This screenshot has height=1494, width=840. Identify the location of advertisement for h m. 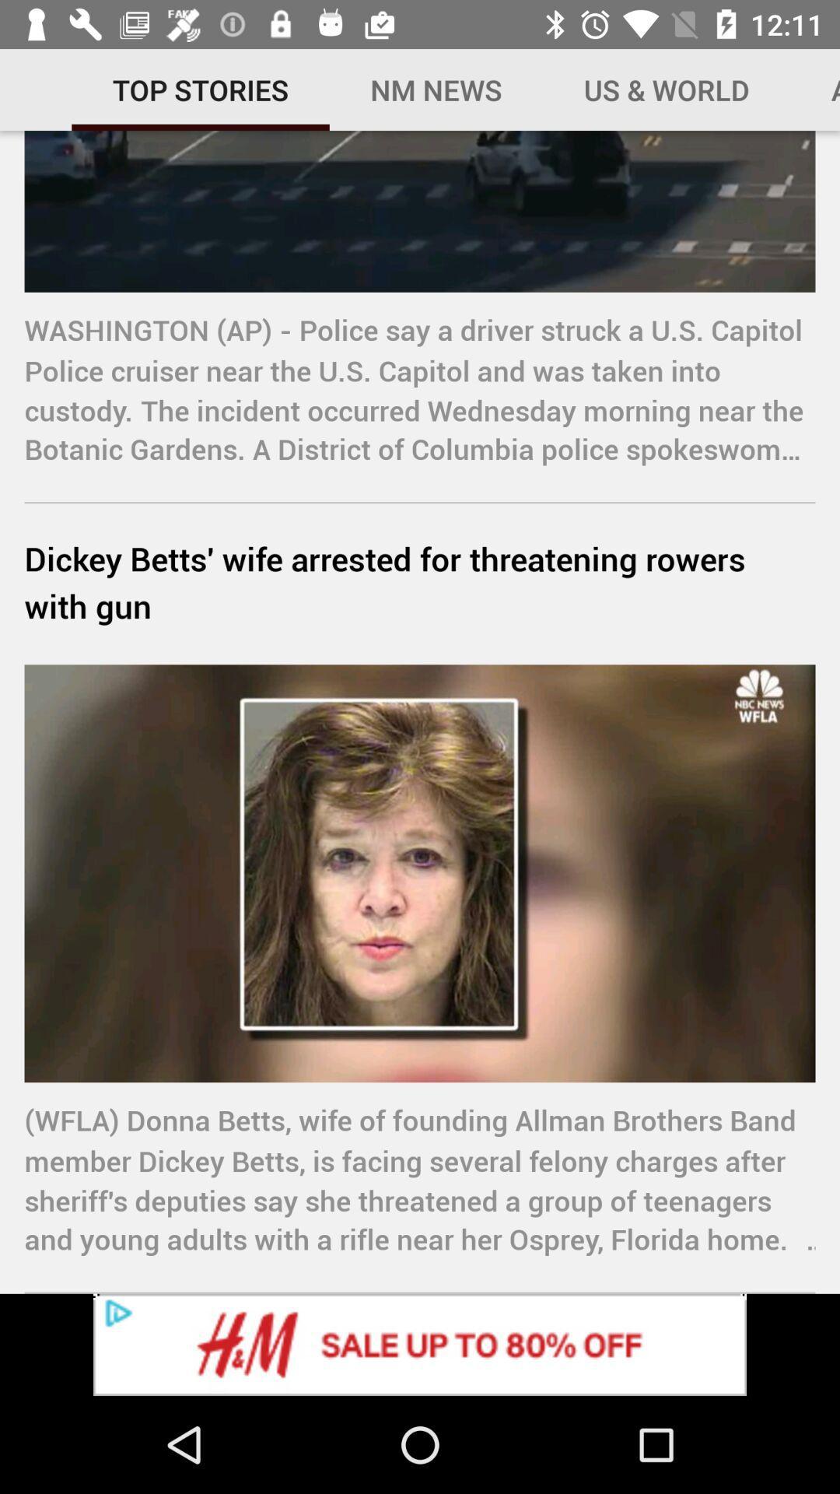
(420, 1344).